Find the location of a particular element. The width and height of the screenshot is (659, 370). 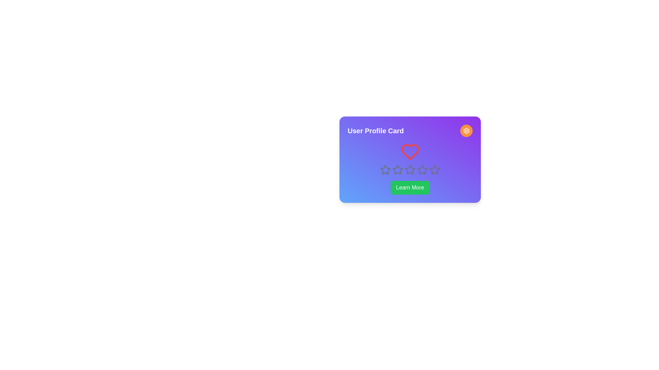

the green 'Learn More' button with white text located at the center-bottom of the User Profile Card is located at coordinates (410, 187).